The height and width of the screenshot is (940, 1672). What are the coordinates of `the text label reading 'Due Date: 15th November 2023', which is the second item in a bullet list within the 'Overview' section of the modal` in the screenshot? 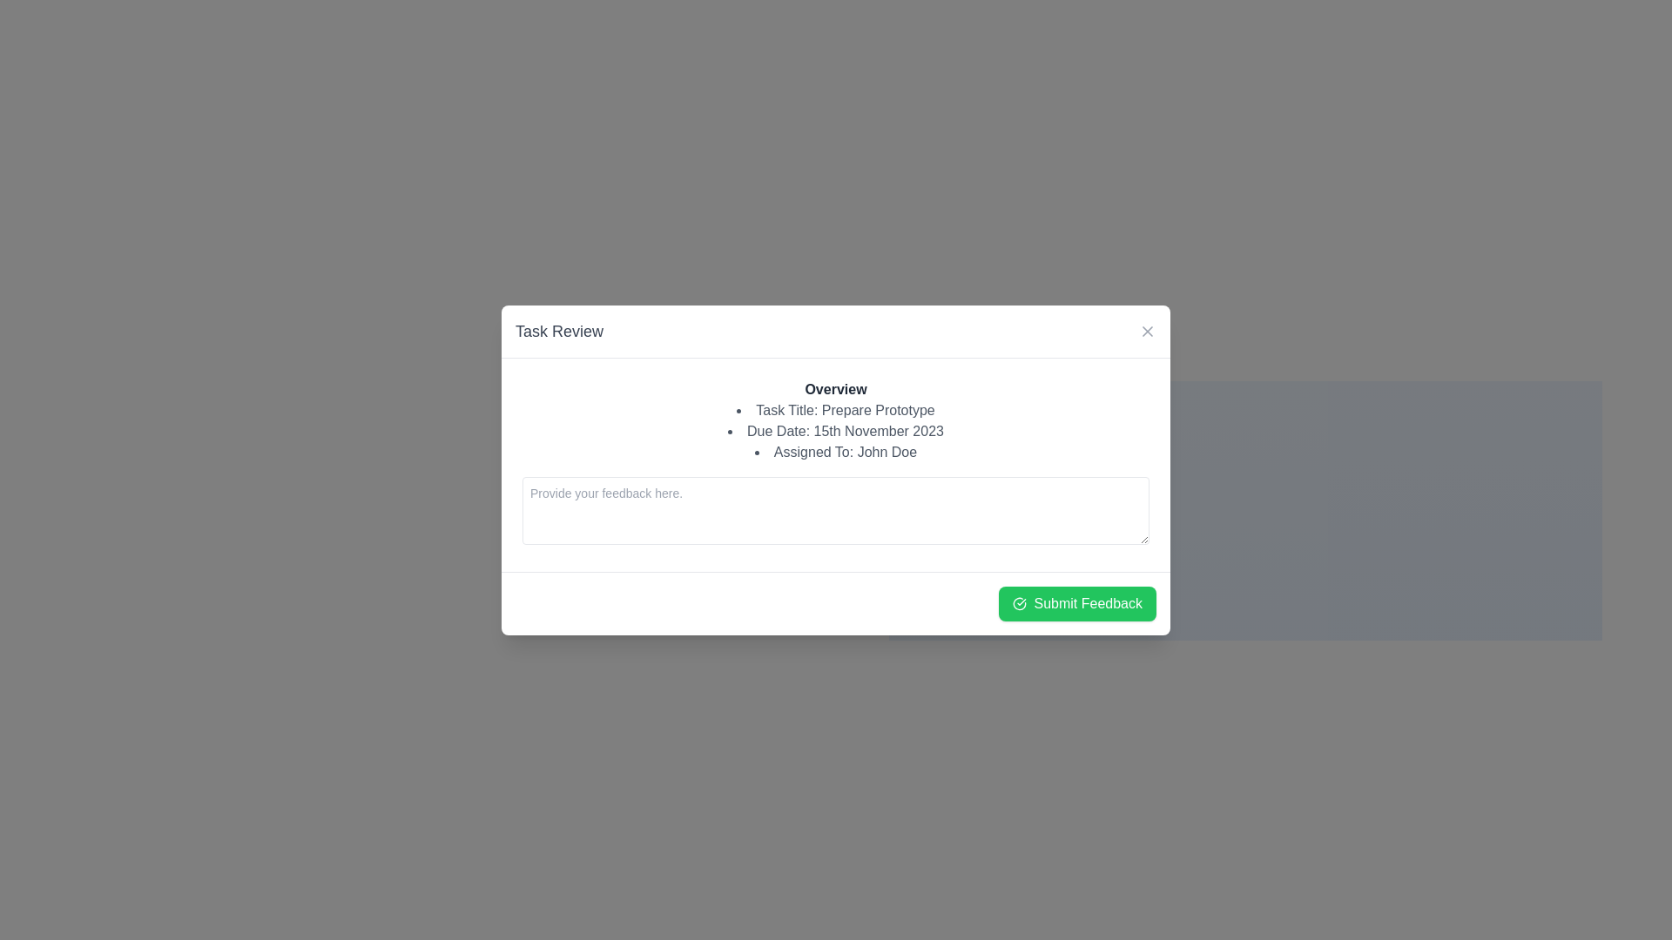 It's located at (836, 431).